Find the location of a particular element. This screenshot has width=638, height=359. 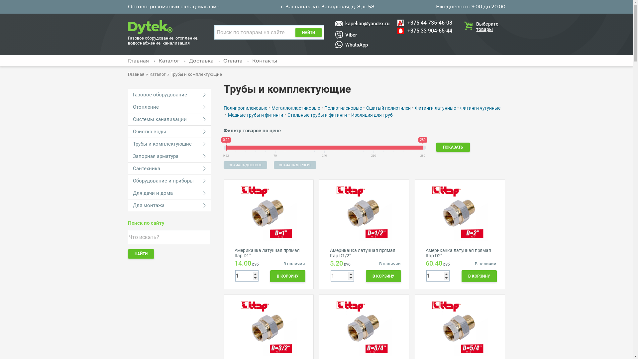

'Viber' is located at coordinates (362, 35).